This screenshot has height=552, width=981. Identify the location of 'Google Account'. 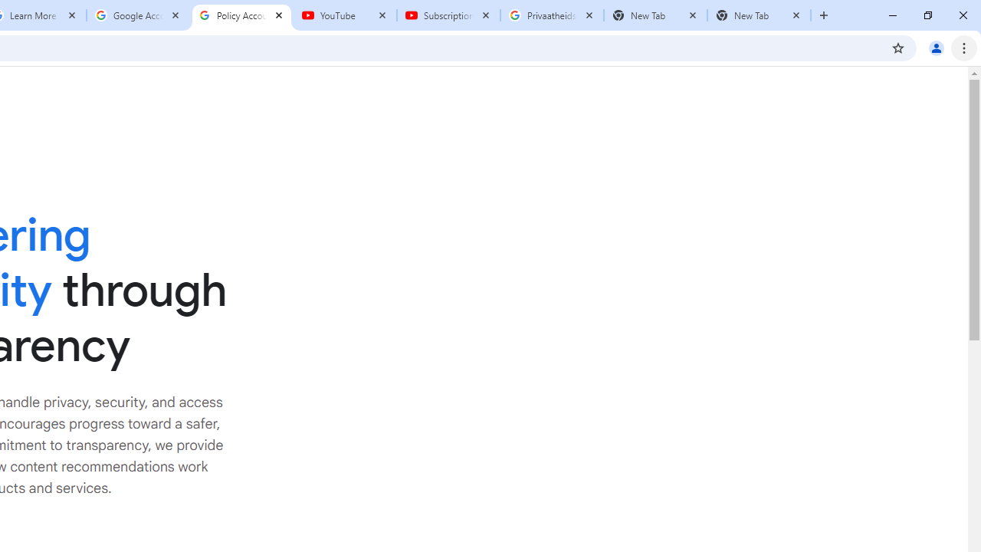
(138, 15).